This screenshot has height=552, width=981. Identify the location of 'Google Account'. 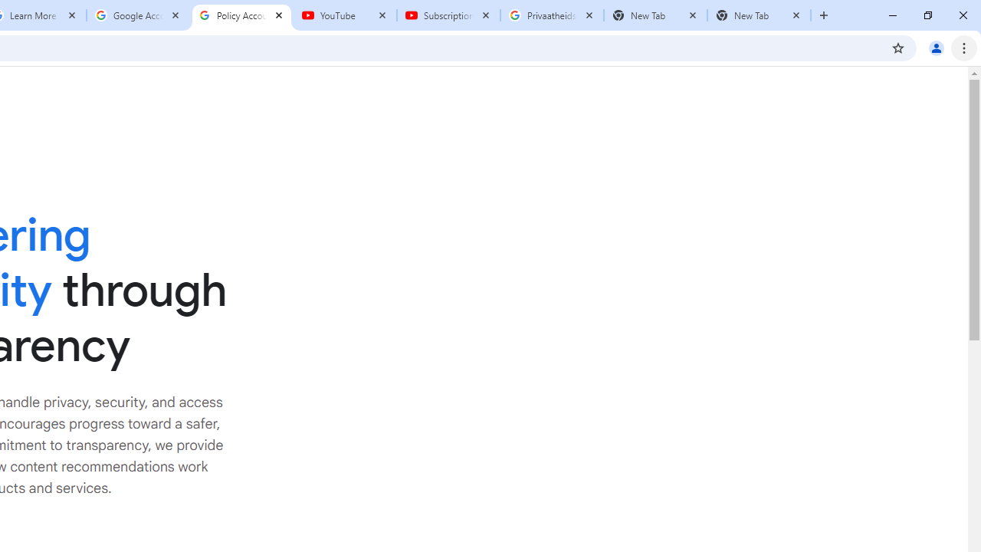
(138, 15).